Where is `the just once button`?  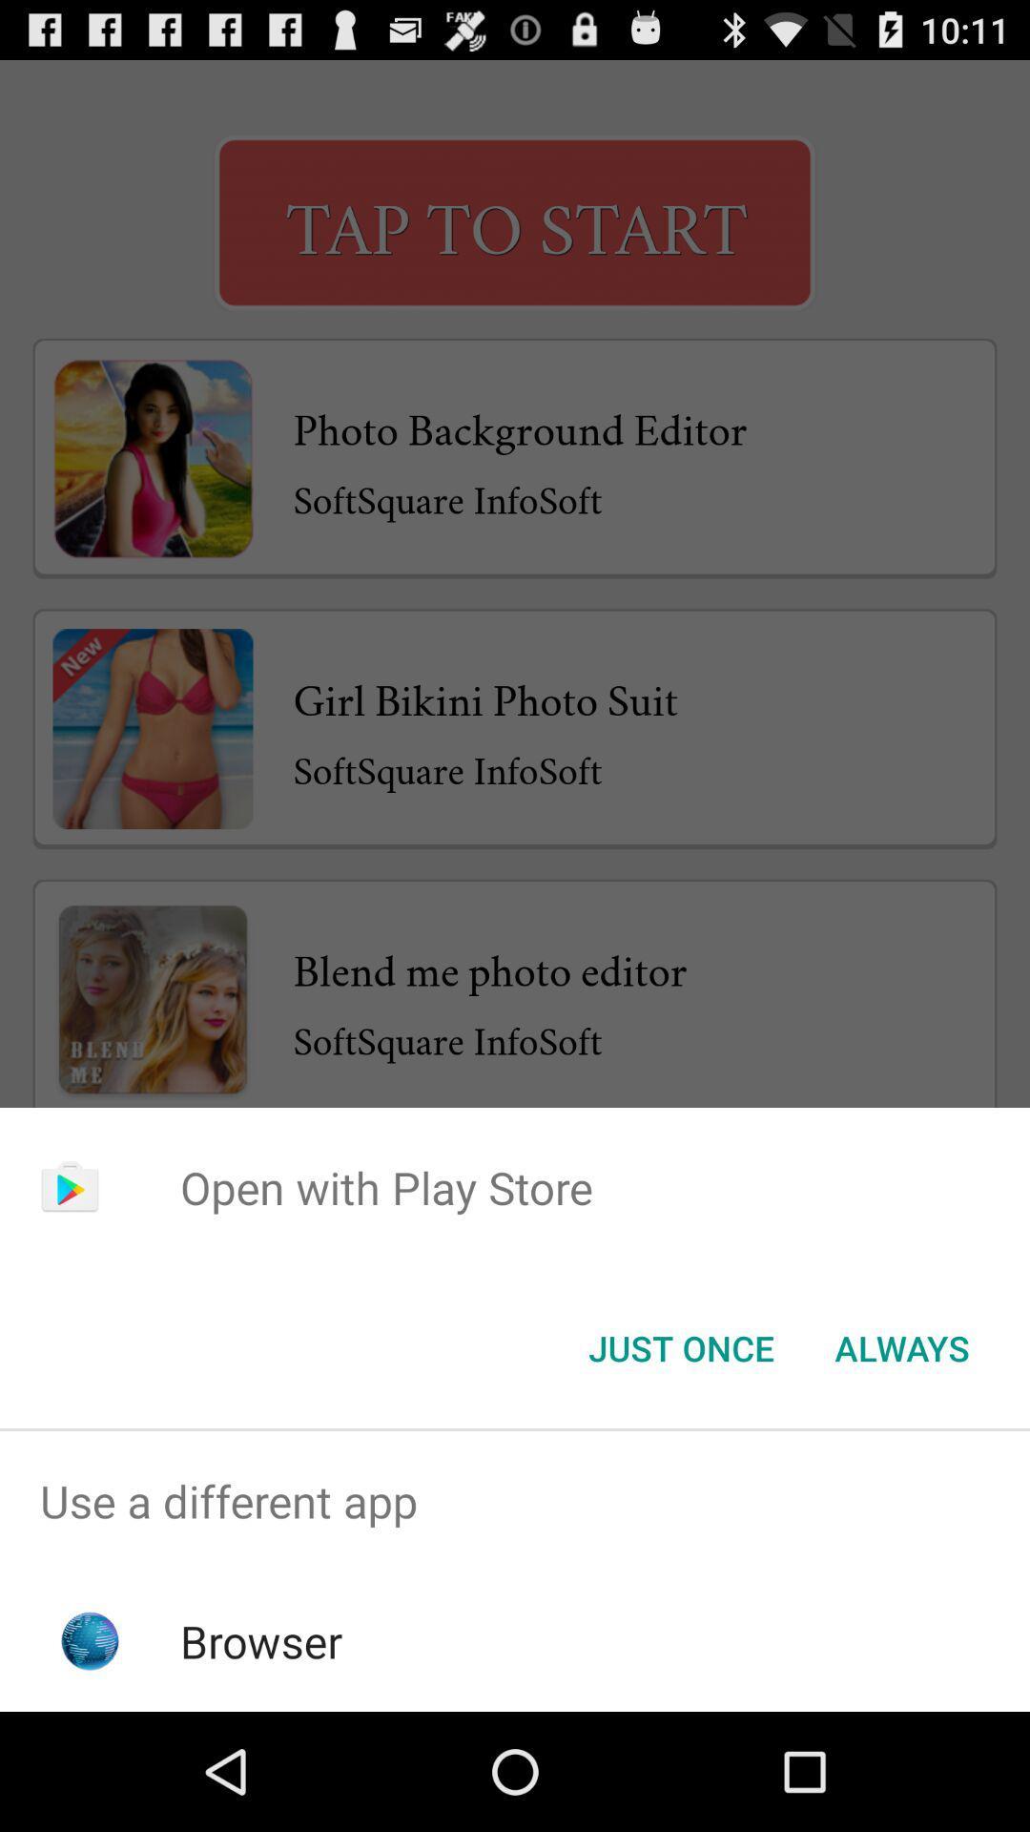 the just once button is located at coordinates (680, 1346).